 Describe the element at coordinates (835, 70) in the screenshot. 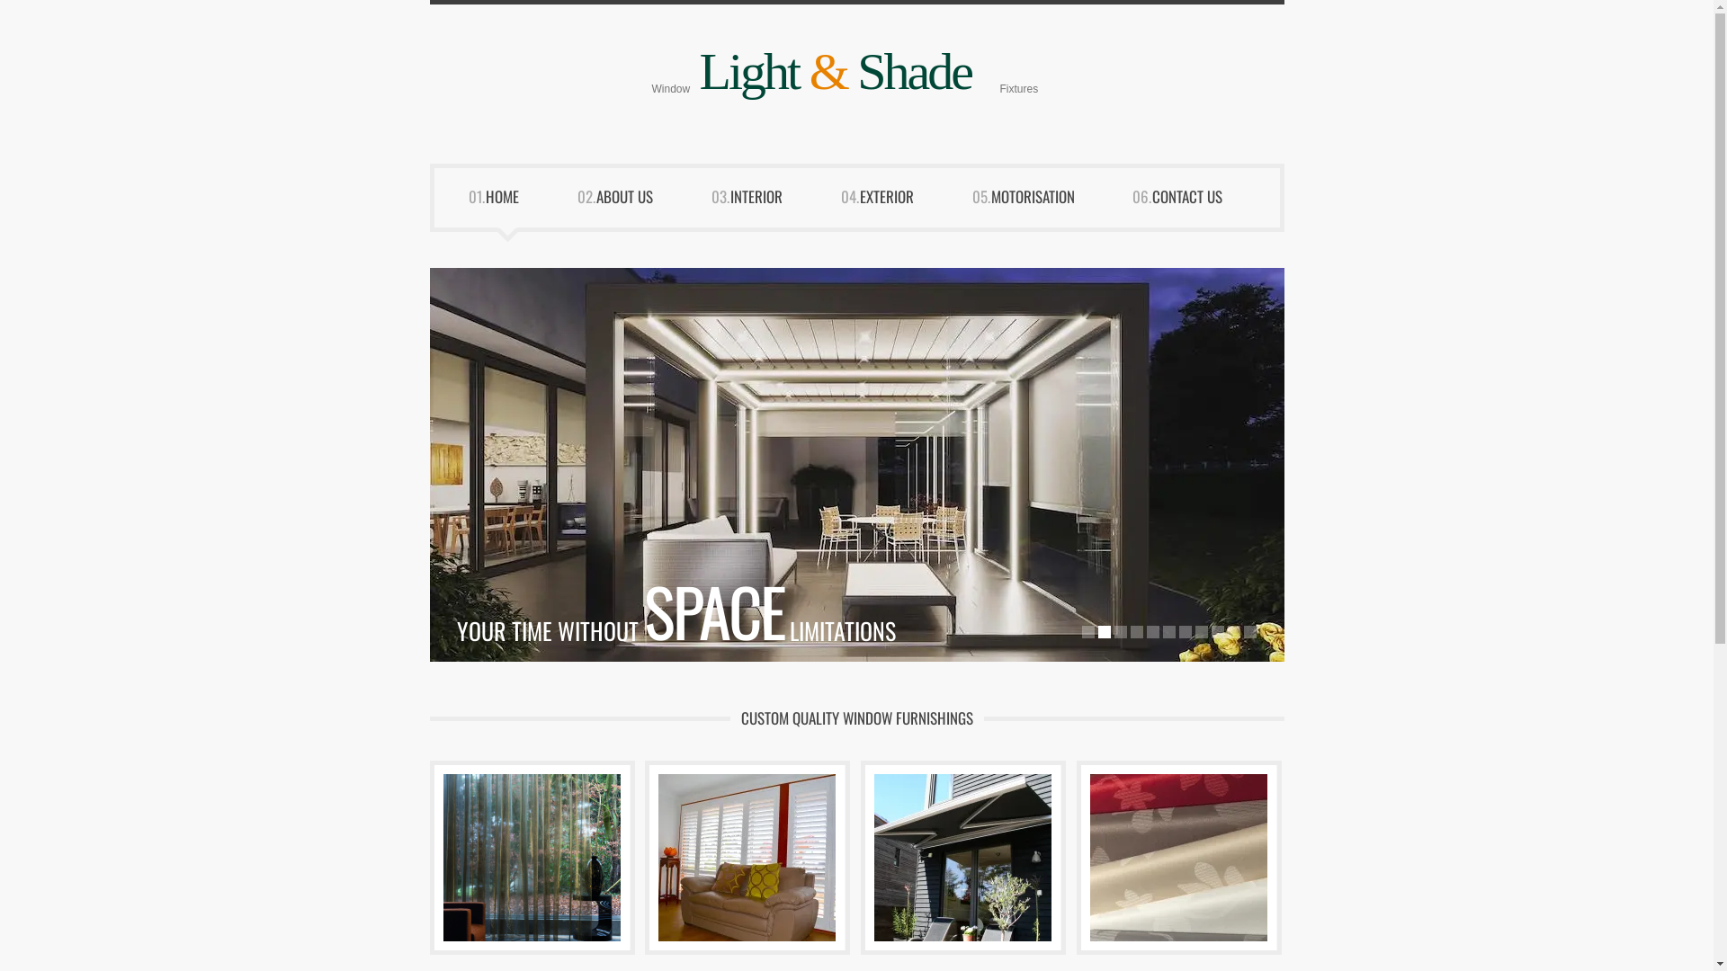

I see `'Light & Shade'` at that location.